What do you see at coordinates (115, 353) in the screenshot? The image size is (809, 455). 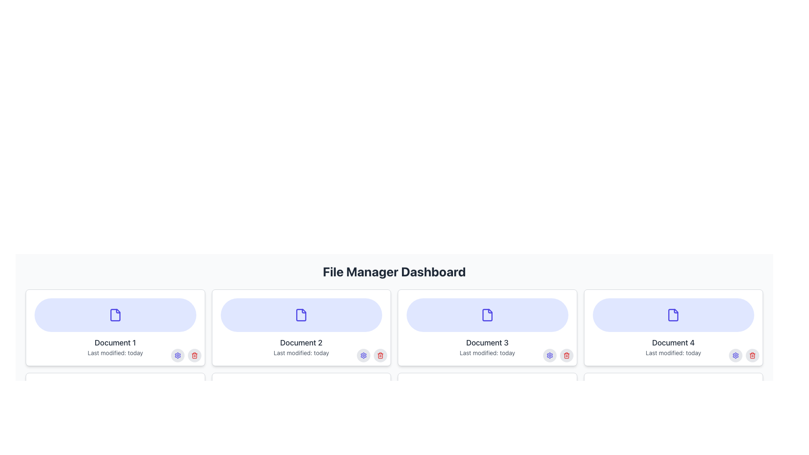 I see `the text label displaying the last modification date of the document associated with the card titled 'Document 1', located at the bottom left corner of the card` at bounding box center [115, 353].